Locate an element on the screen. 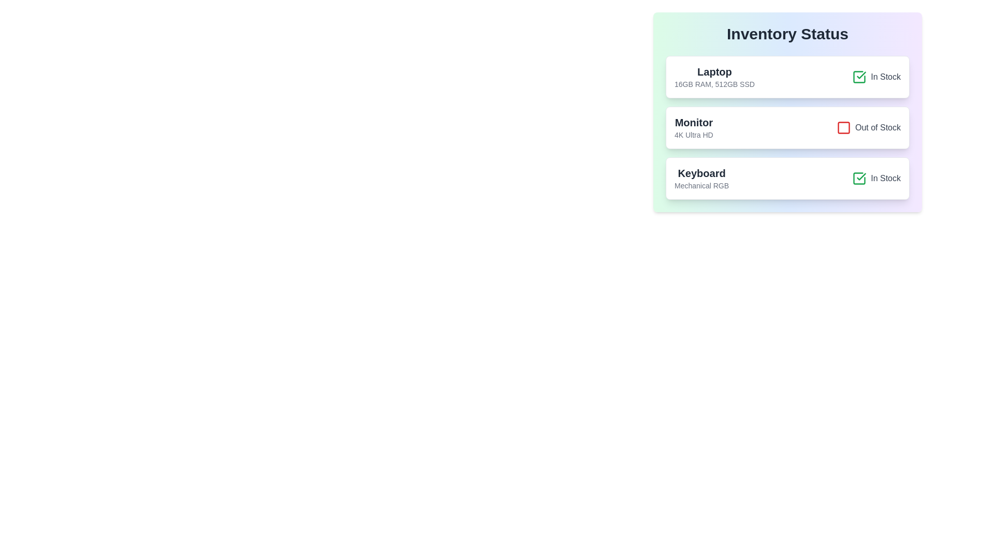 Image resolution: width=994 pixels, height=559 pixels. the text element displaying the title 'Laptop' and its description '16GB RAM, 512GB SSD', which is prominently located at the top of the card in the 'Inventory Status' section is located at coordinates (714, 77).